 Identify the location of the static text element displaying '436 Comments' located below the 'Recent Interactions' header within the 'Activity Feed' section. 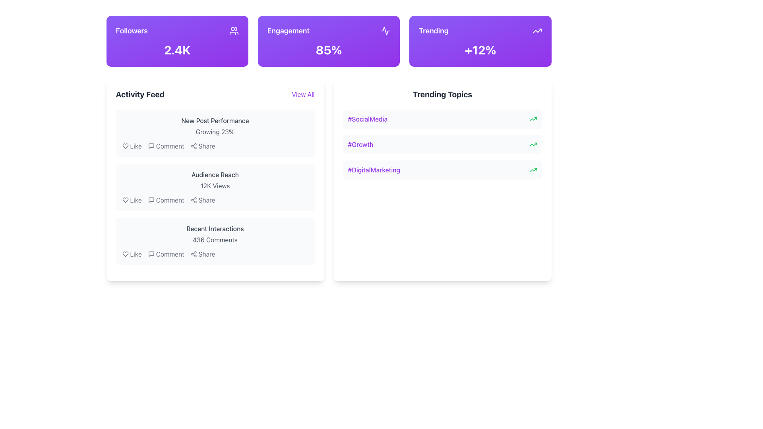
(215, 240).